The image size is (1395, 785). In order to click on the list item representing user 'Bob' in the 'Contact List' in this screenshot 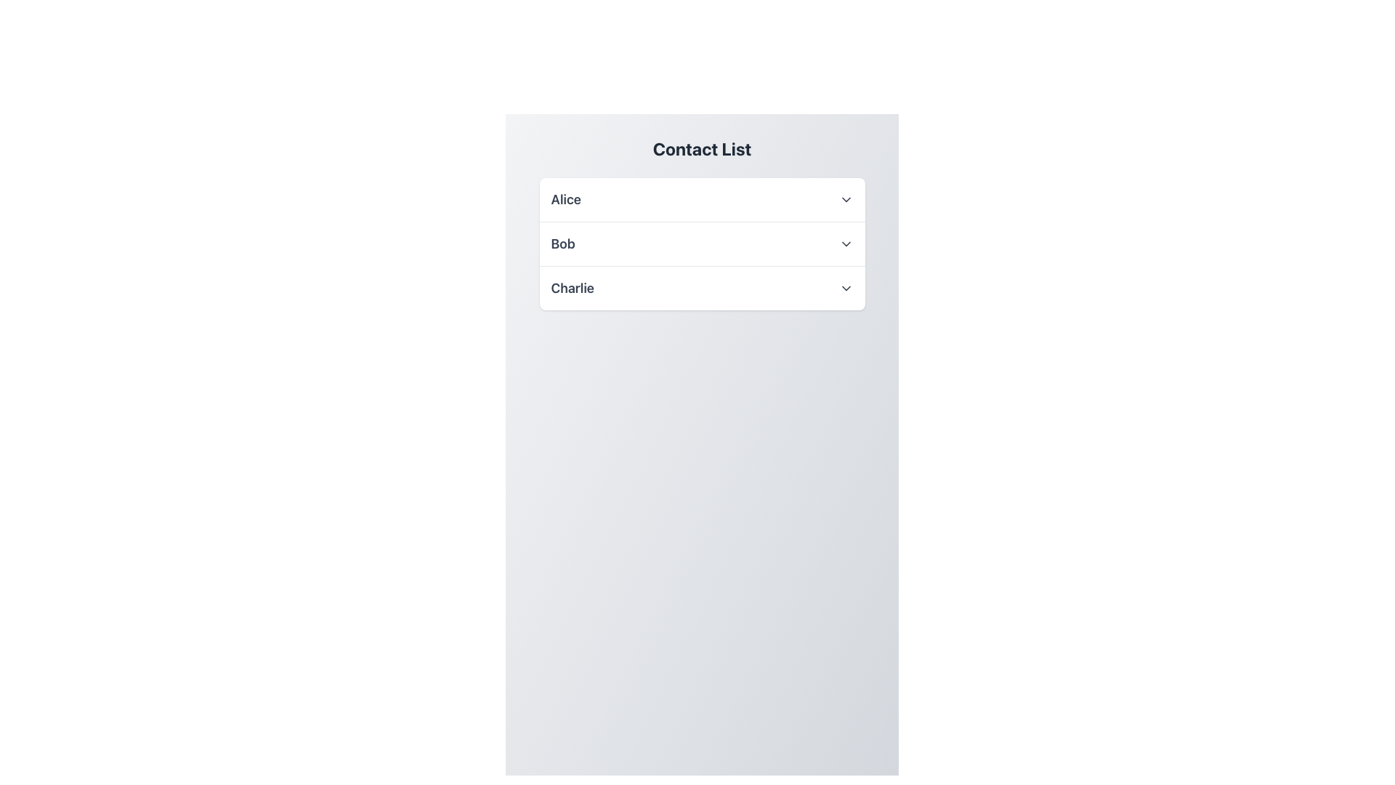, I will do `click(702, 243)`.